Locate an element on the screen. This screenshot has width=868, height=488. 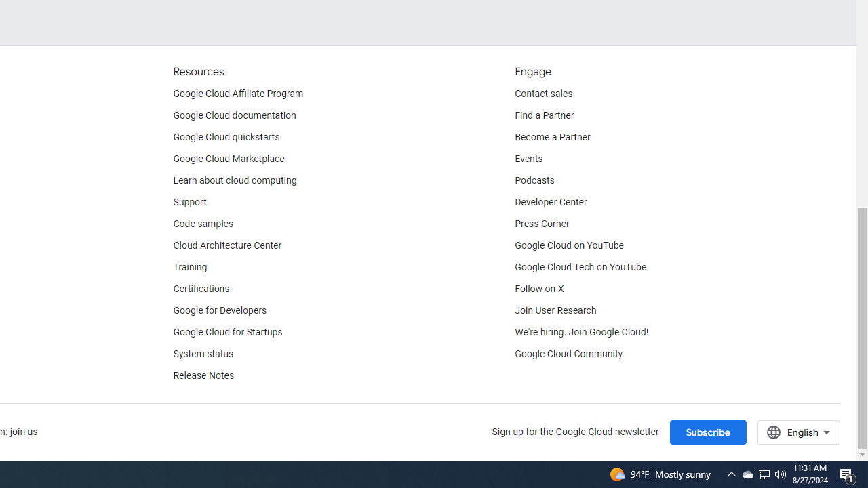
'Learn about cloud computing' is located at coordinates (235, 180).